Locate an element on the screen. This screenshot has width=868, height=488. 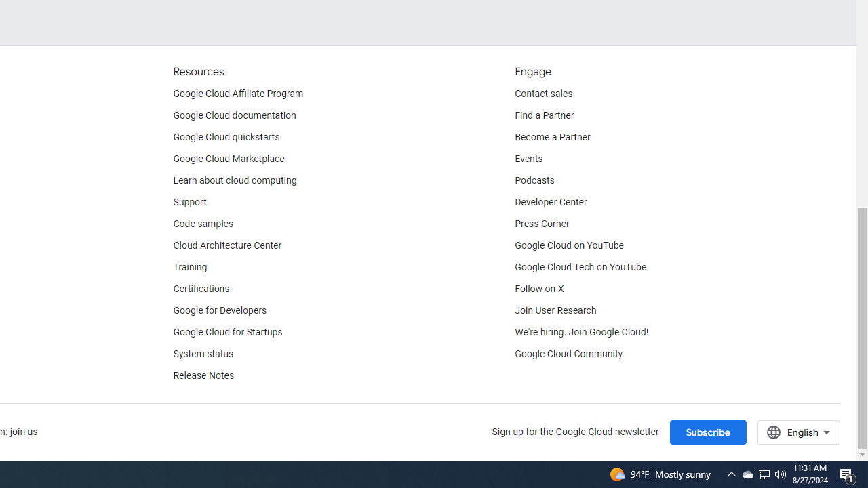
'Learn about cloud computing' is located at coordinates (235, 180).